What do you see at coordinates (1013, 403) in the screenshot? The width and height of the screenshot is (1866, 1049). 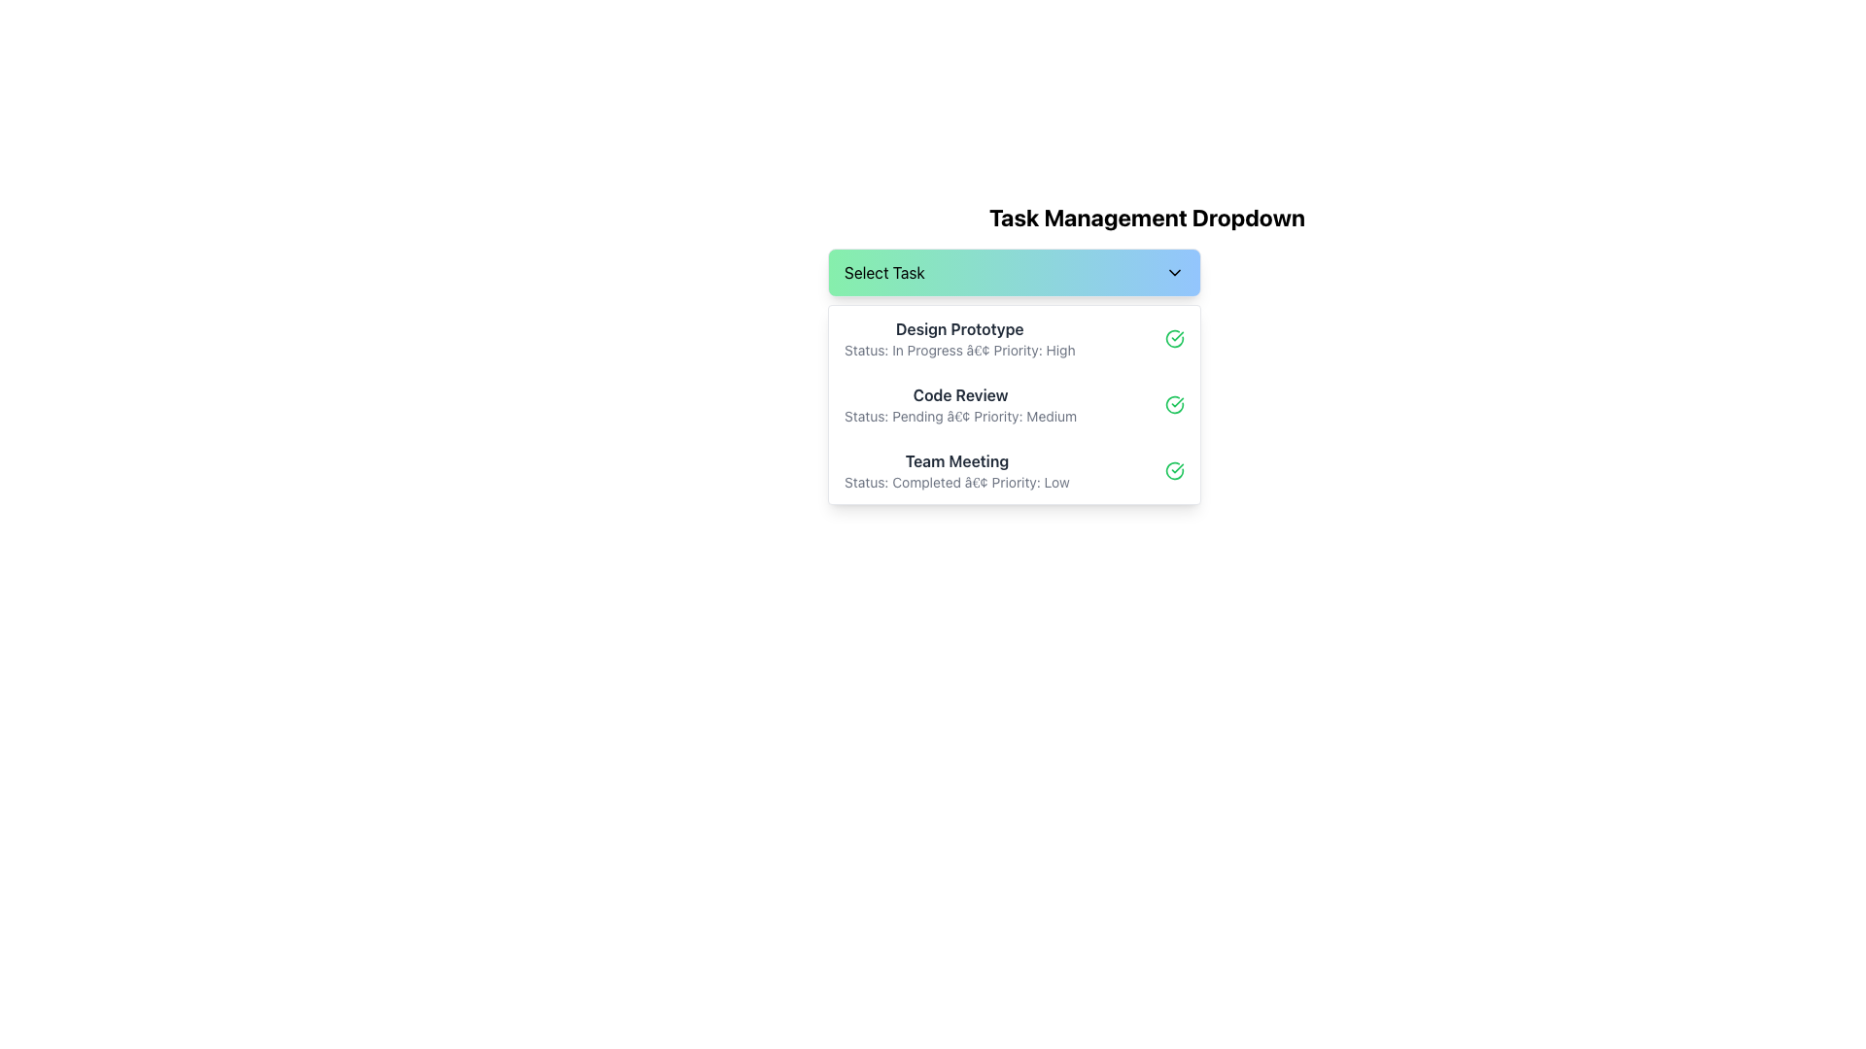 I see `an option in the dropdown menu below the 'Select Task' button` at bounding box center [1013, 403].